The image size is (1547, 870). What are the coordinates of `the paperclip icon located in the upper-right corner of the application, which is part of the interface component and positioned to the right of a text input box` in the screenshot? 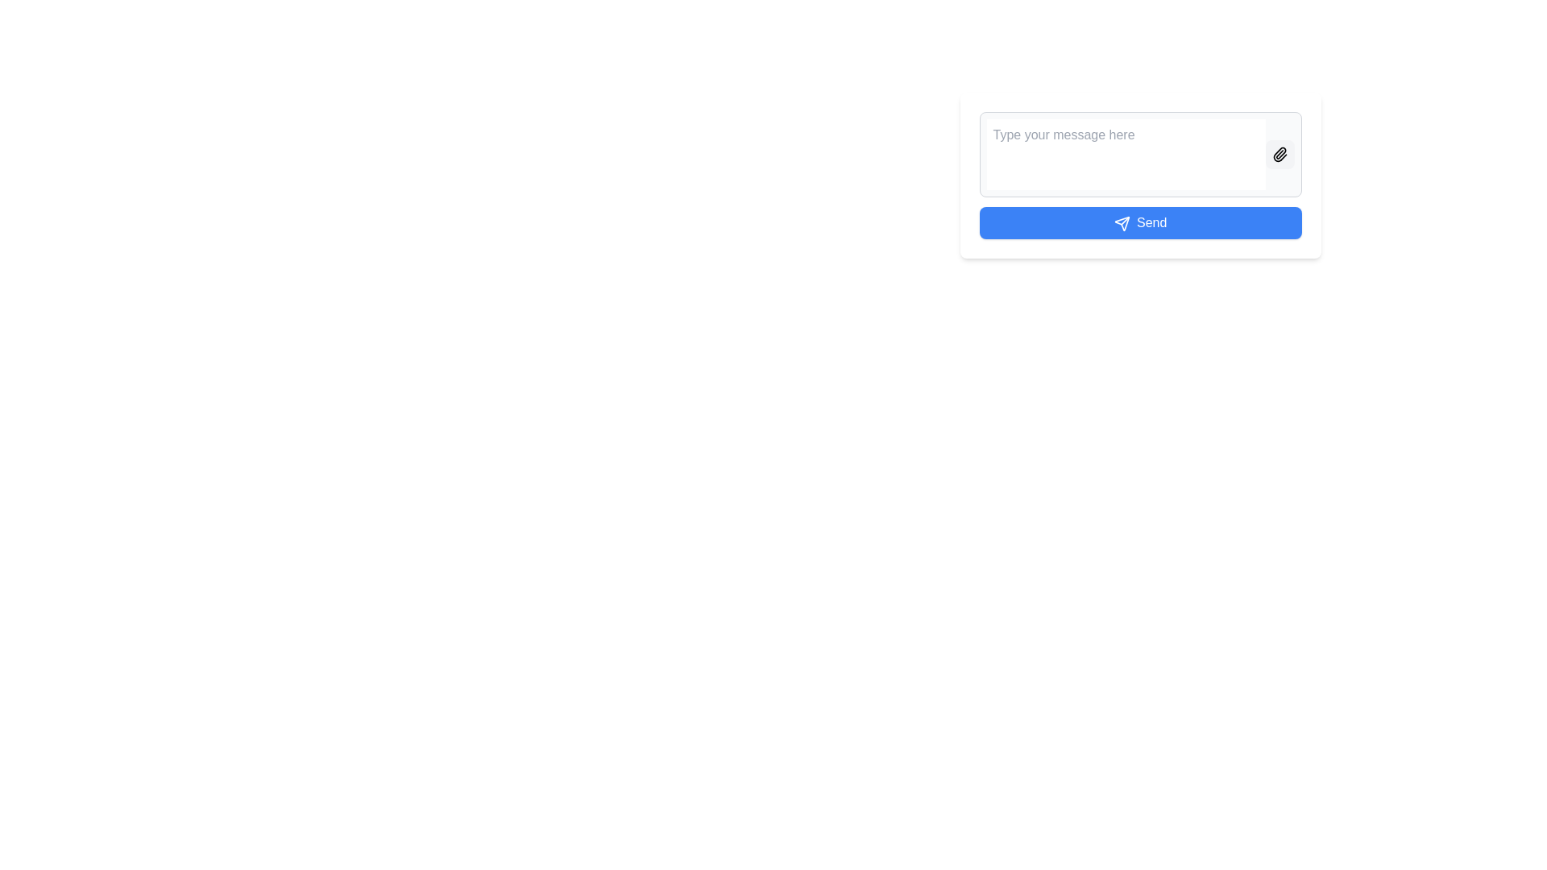 It's located at (1279, 155).